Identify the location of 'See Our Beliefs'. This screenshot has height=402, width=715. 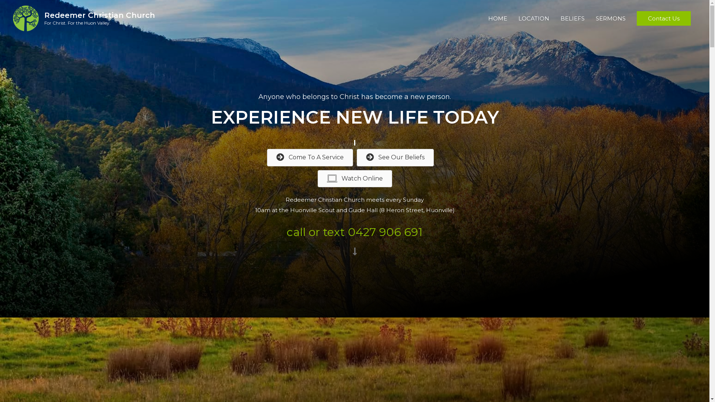
(356, 157).